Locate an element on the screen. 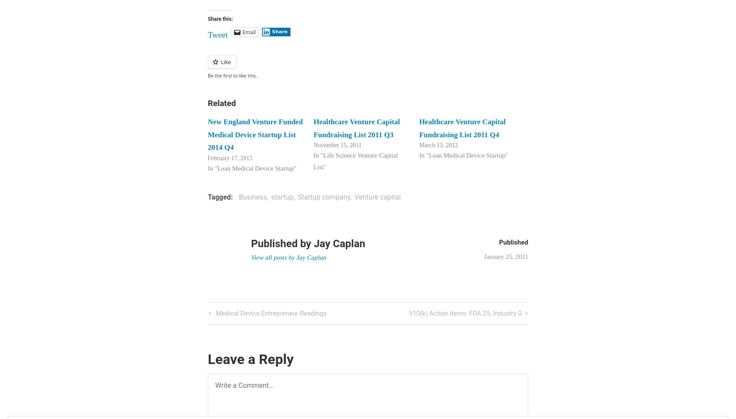  'January 25, 2011' is located at coordinates (506, 256).